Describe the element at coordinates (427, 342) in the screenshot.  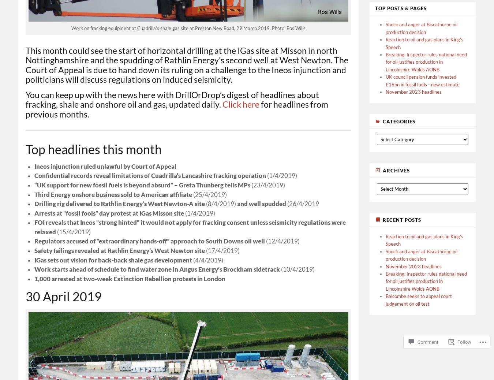
I see `'Comment'` at that location.